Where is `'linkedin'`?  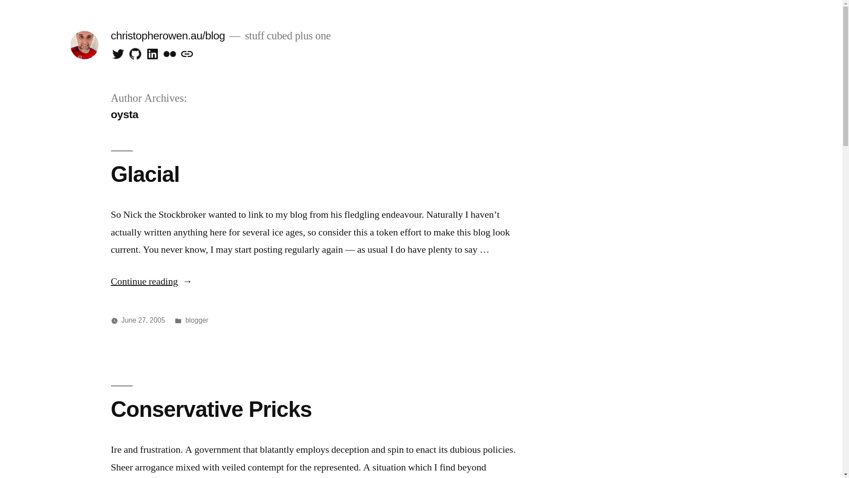
'linkedin' is located at coordinates (153, 54).